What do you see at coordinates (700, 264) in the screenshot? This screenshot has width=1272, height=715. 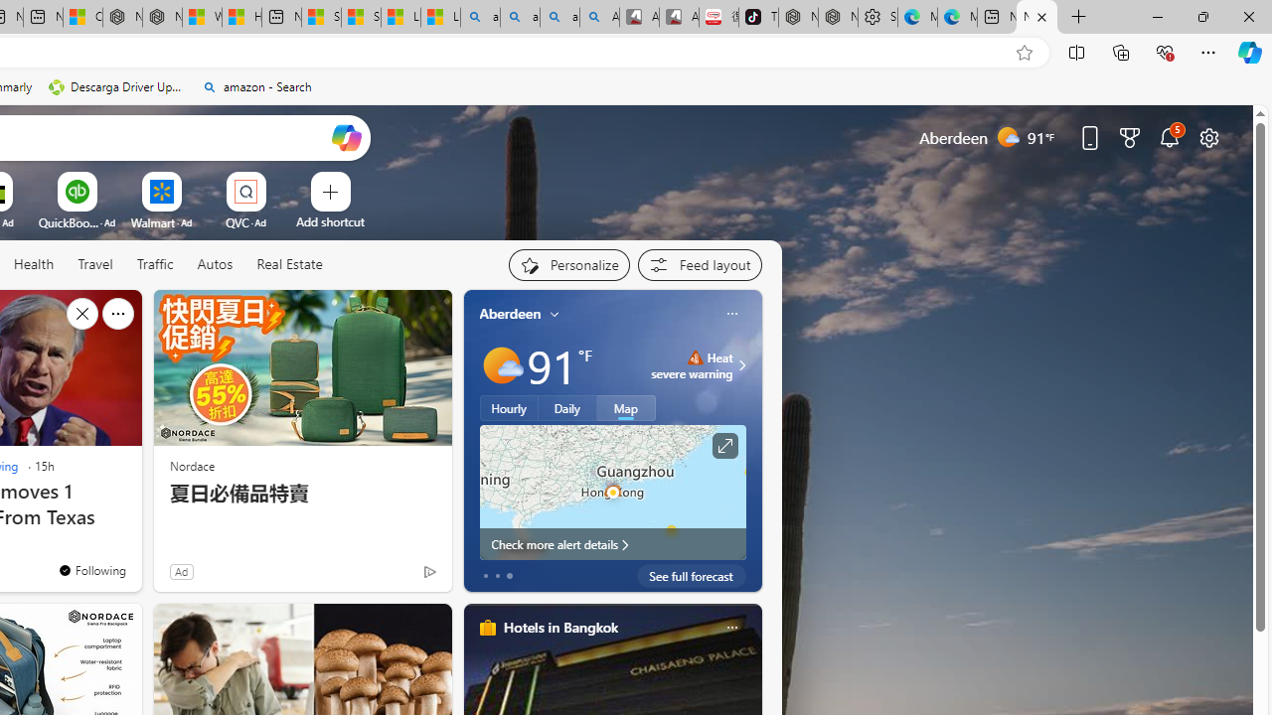 I see `'Feed settings'` at bounding box center [700, 264].